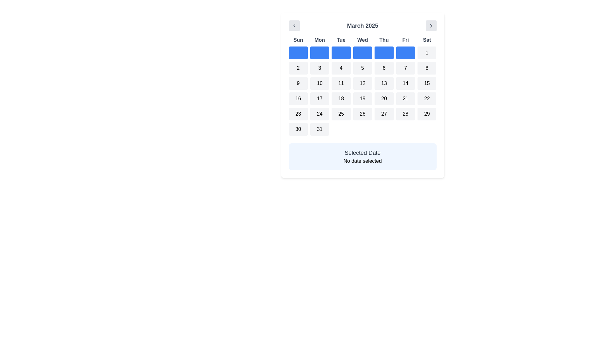 The width and height of the screenshot is (611, 344). Describe the element at coordinates (383, 98) in the screenshot. I see `the rectangular button displaying '20' in the calendar grid layout under 'Thu'` at that location.